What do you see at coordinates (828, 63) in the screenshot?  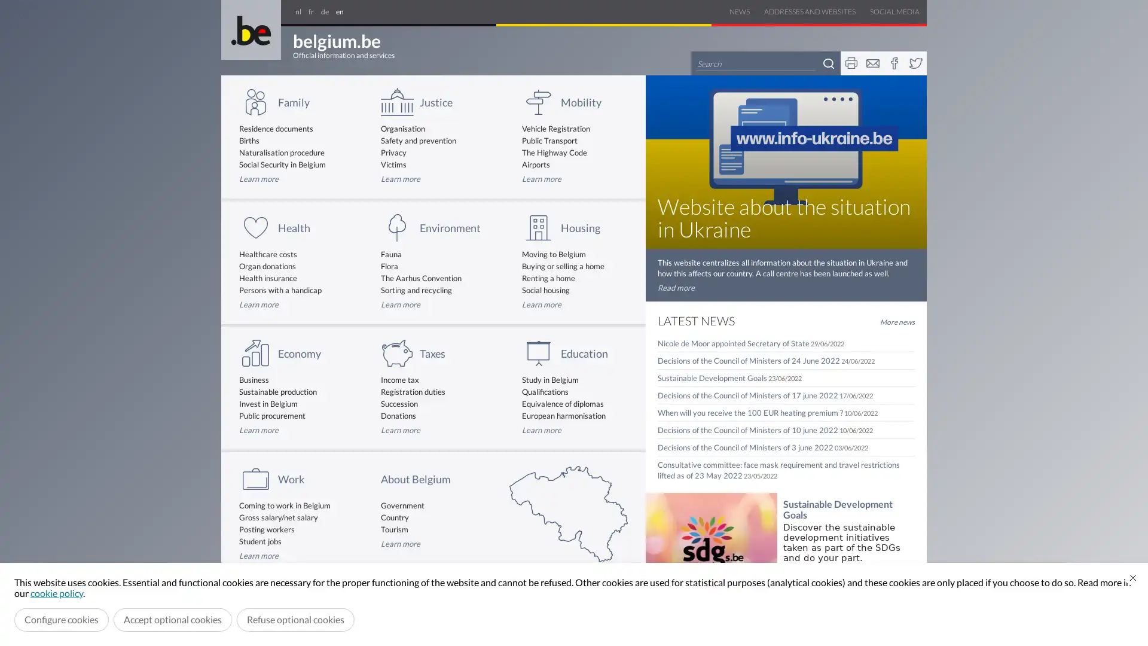 I see `Search` at bounding box center [828, 63].